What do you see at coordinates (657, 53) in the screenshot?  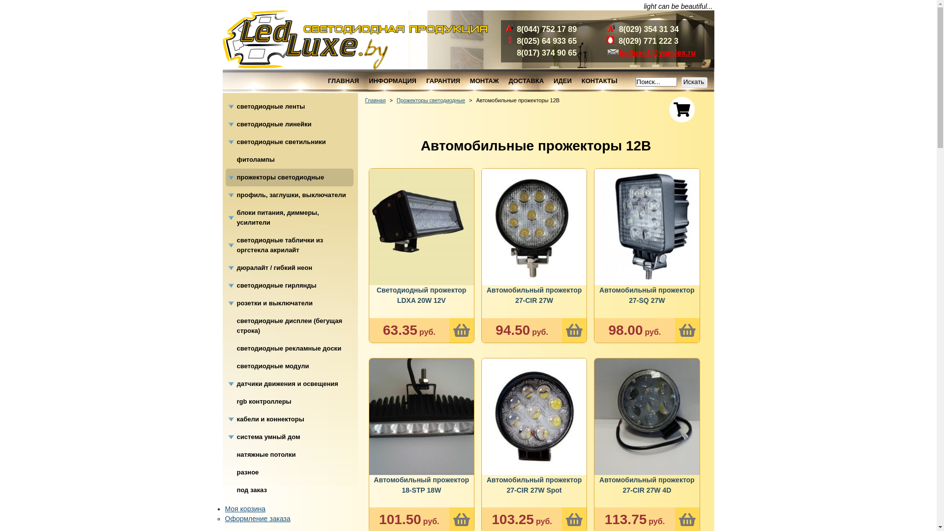 I see `'ledluxe1@yandex.ru'` at bounding box center [657, 53].